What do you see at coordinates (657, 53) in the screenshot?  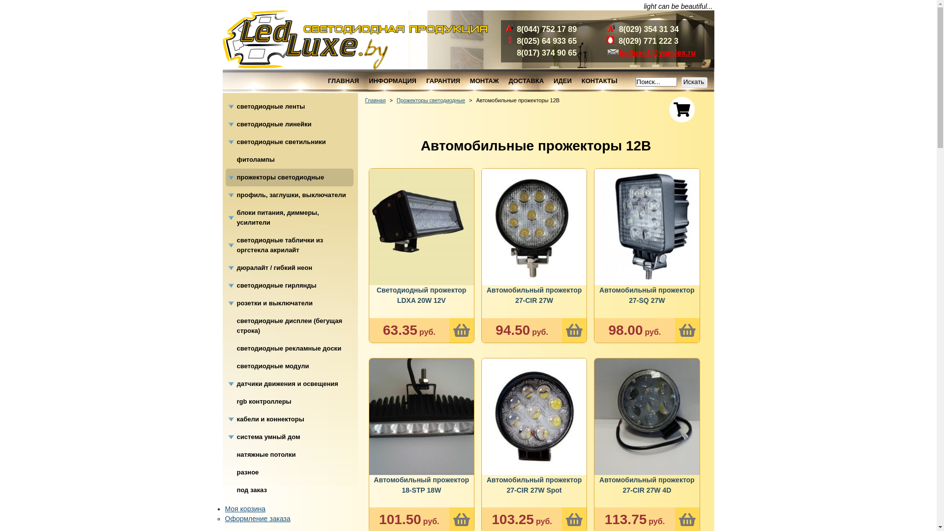 I see `'ledluxe1@yandex.ru'` at bounding box center [657, 53].